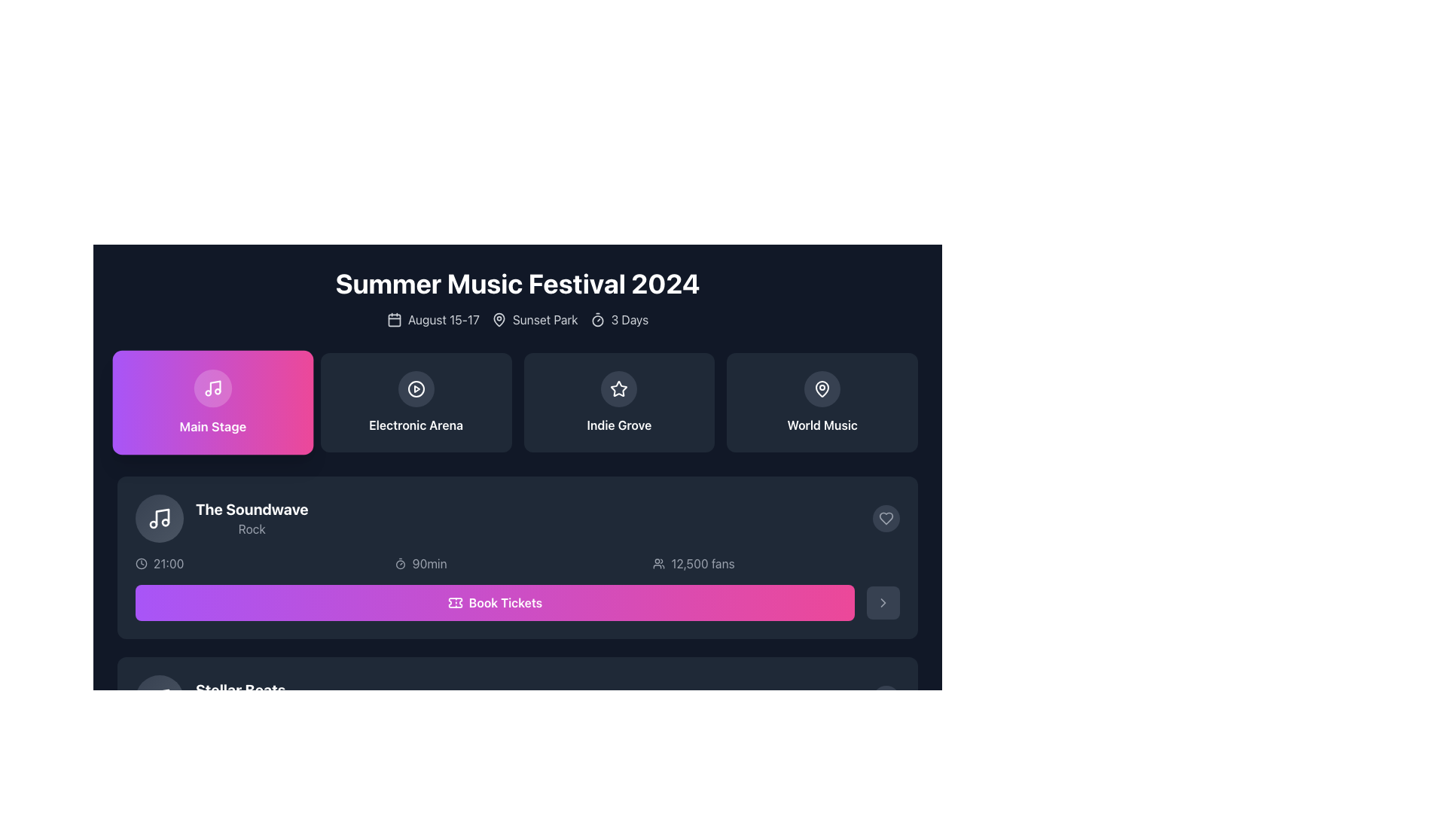  What do you see at coordinates (822, 402) in the screenshot?
I see `the non-interactive visual indicator label for the 'World Music' section, which is the fourth option in the top row of sections, located to the right of the 'Indie Grove' section` at bounding box center [822, 402].